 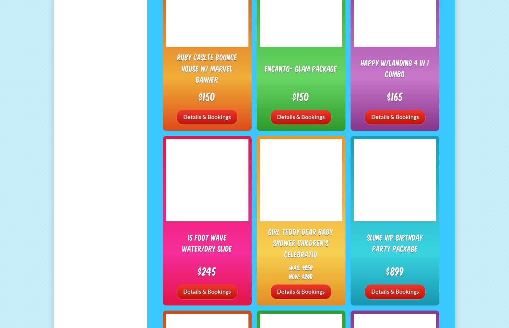 I want to click on '$240', so click(x=302, y=276).